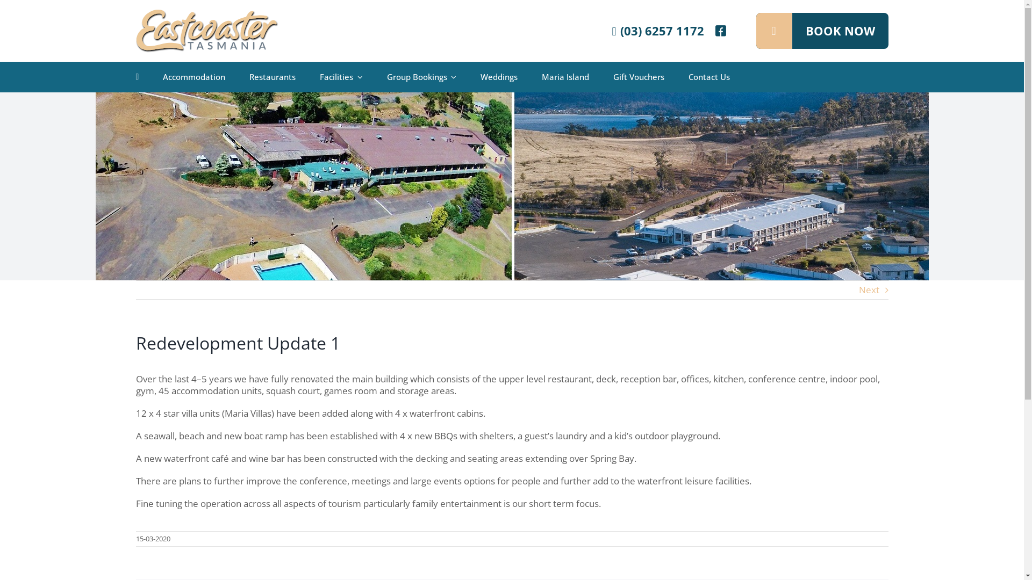 The width and height of the screenshot is (1032, 580). I want to click on '(03) 6257 1172', so click(657, 30).